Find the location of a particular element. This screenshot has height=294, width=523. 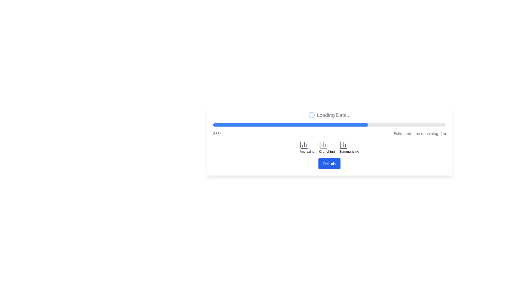

the animated spinner with a blue border that is part of the loading indicator next to the text 'Loading Data...' is located at coordinates (311, 115).